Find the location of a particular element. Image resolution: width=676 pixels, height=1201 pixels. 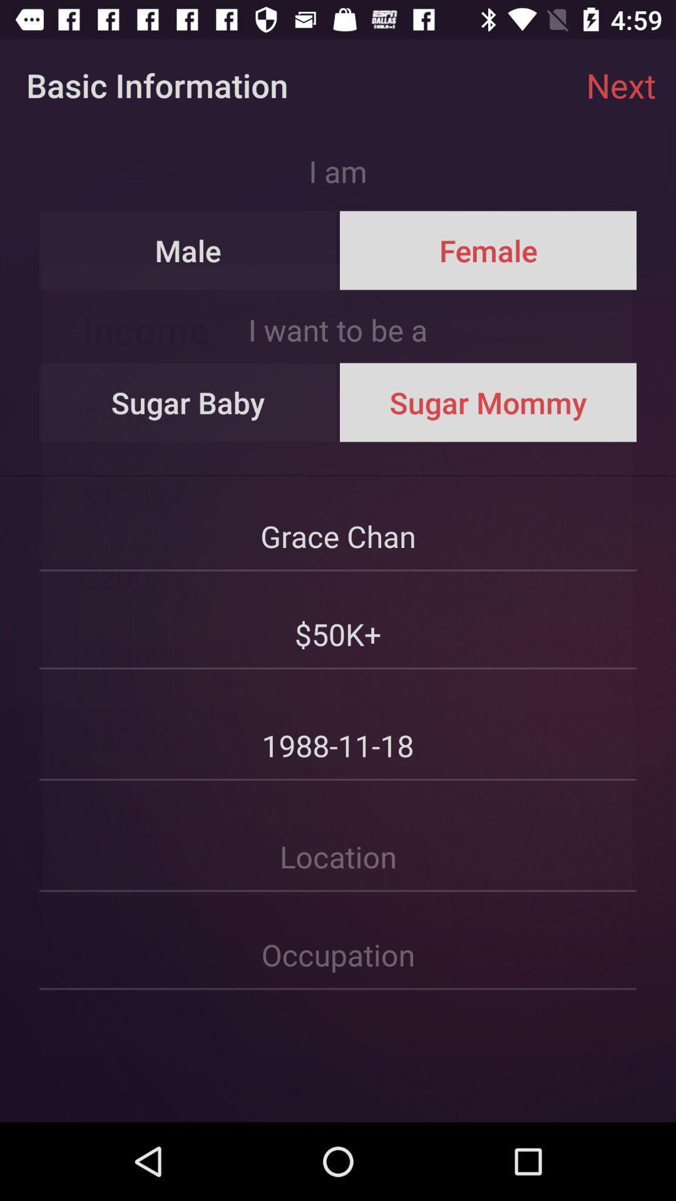

male icon is located at coordinates (188, 250).